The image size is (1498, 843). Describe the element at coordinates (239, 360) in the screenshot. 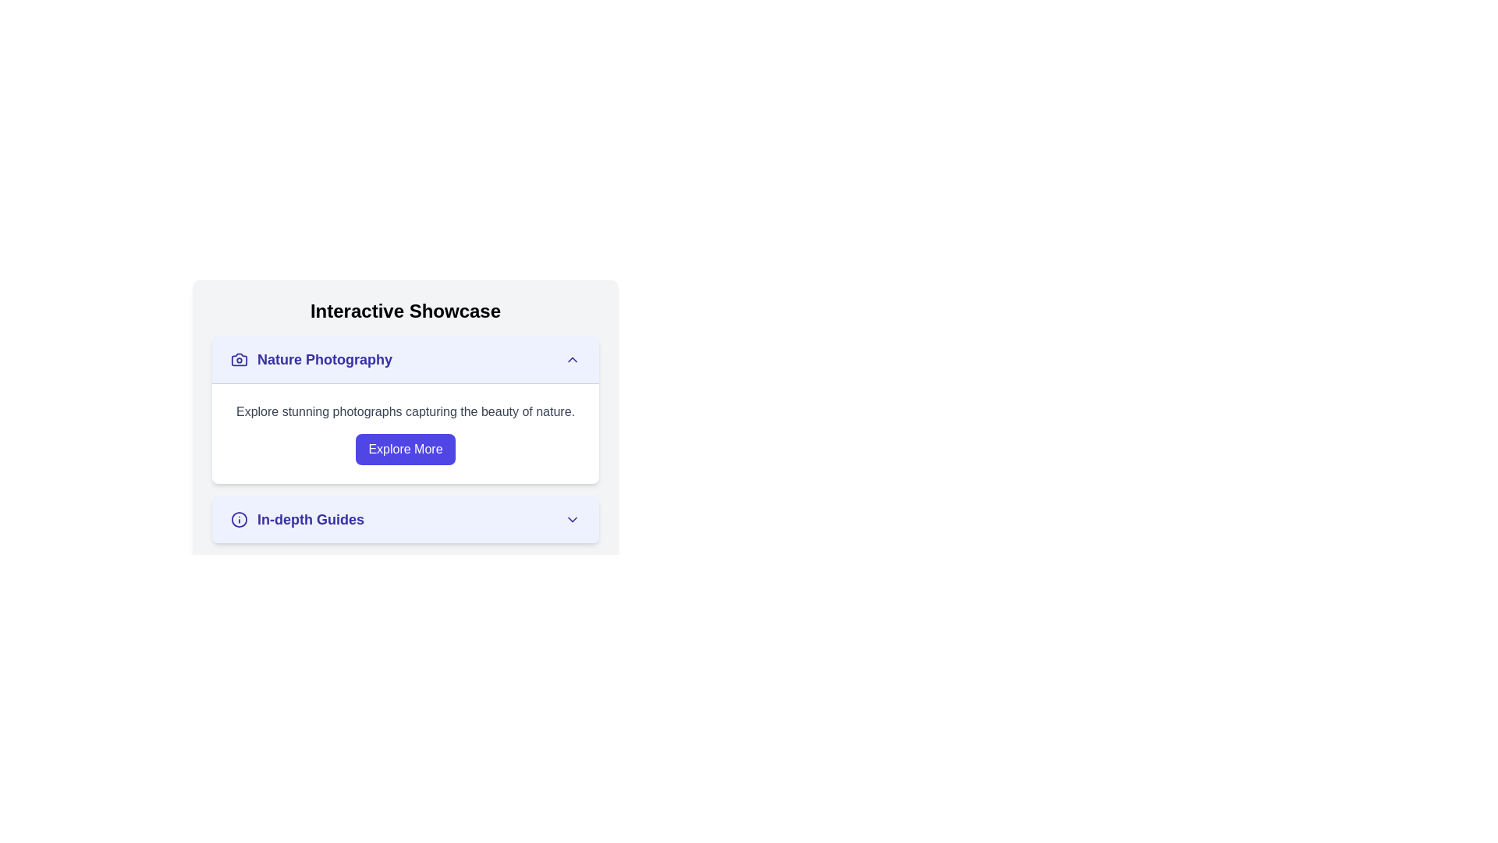

I see `the presence of the decorative icon background shape associated with the camera symbol, located to the left of the text 'Nature Photography' within the first collapsible card below 'Interactive Showcase'` at that location.